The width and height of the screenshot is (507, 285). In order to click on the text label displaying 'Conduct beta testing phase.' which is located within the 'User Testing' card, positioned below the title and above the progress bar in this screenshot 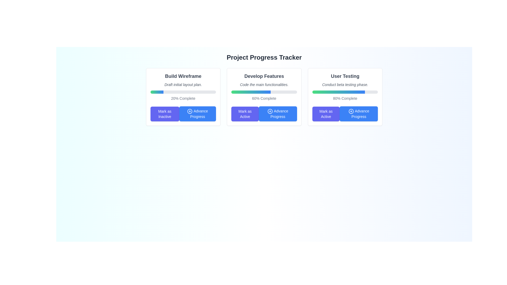, I will do `click(345, 84)`.